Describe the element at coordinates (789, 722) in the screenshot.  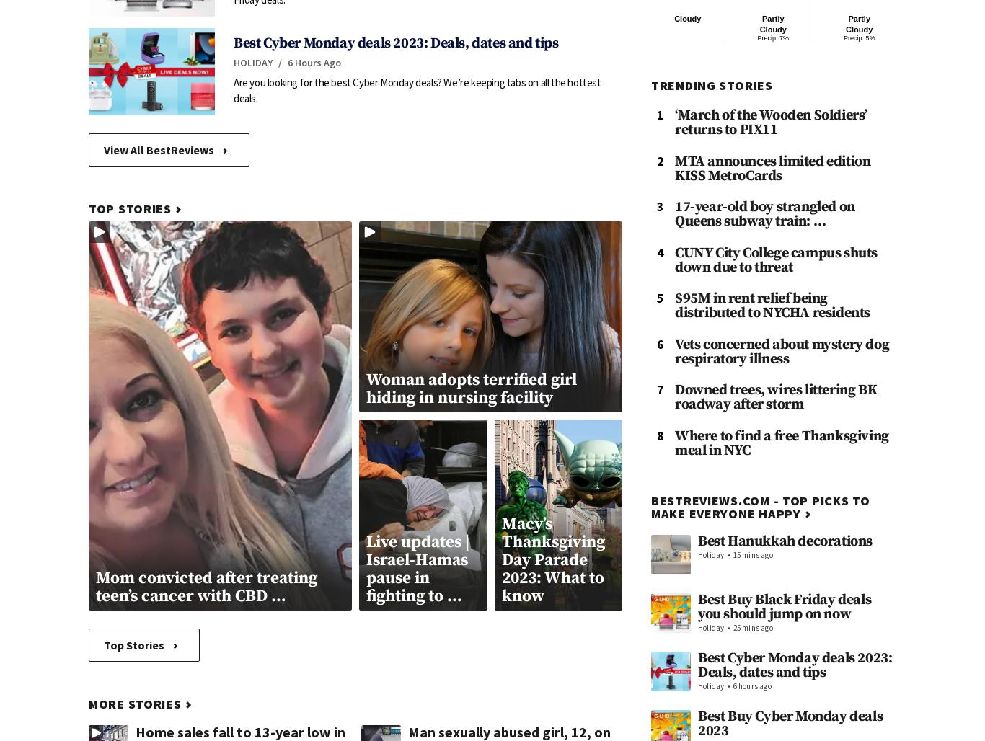
I see `'Best Buy Cyber Monday deals 2023'` at that location.